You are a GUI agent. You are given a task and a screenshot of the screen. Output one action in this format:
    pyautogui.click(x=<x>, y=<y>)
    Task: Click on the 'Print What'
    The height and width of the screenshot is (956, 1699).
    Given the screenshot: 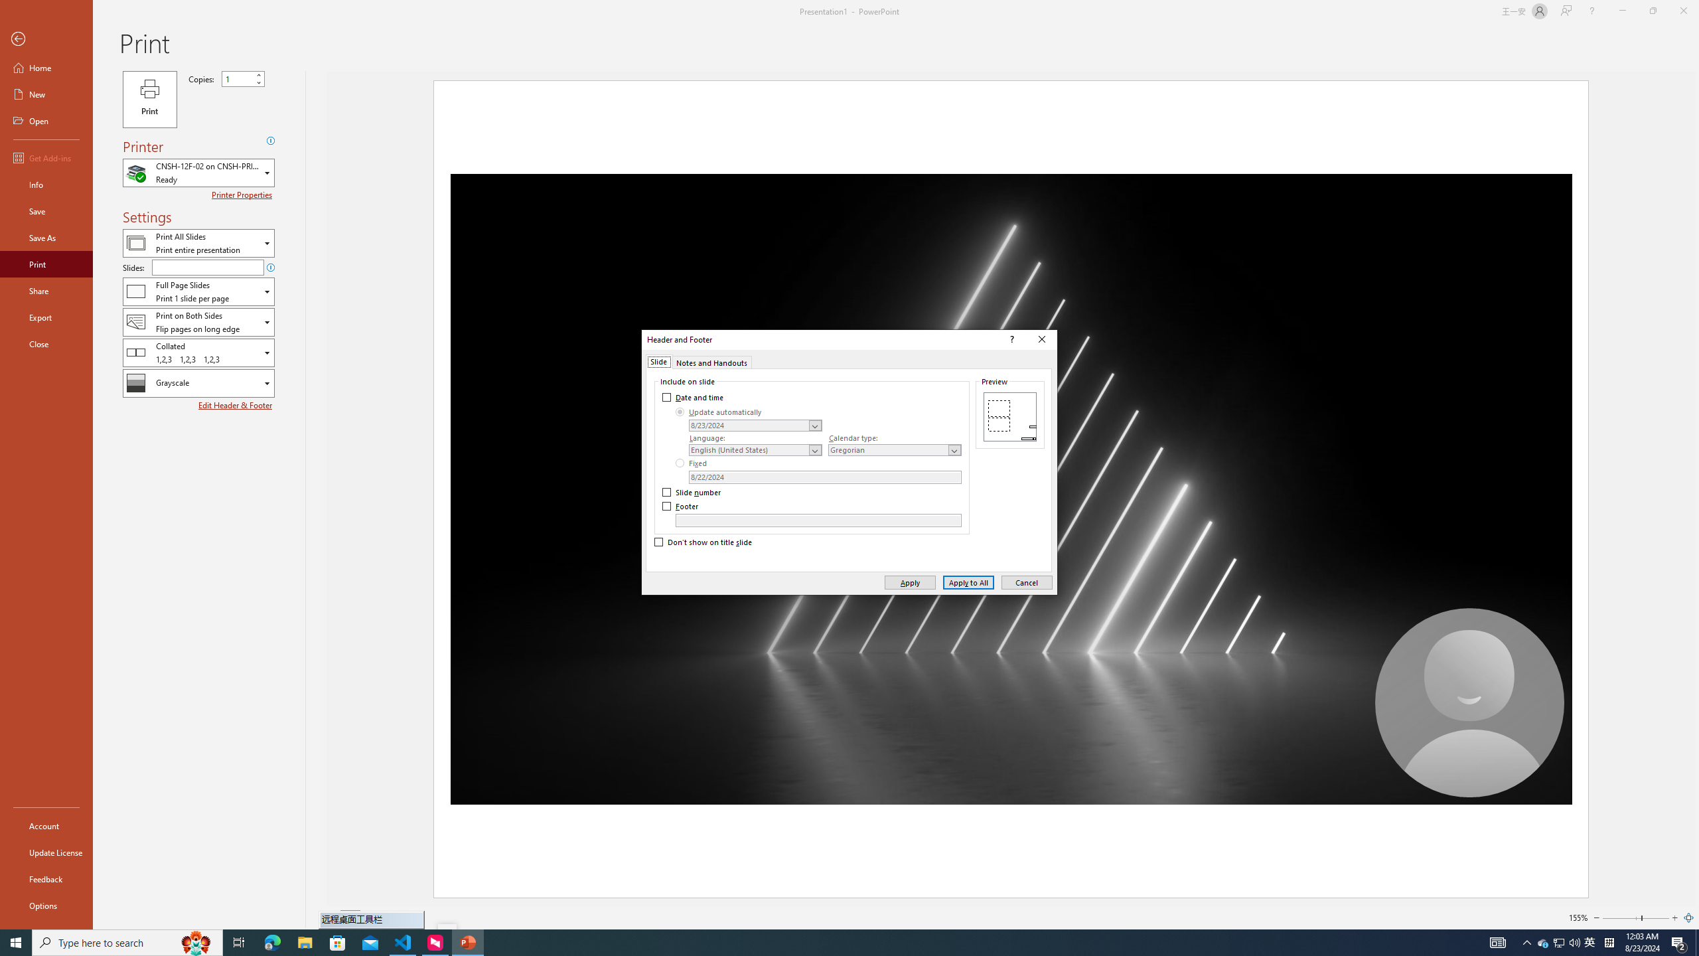 What is the action you would take?
    pyautogui.click(x=198, y=242)
    